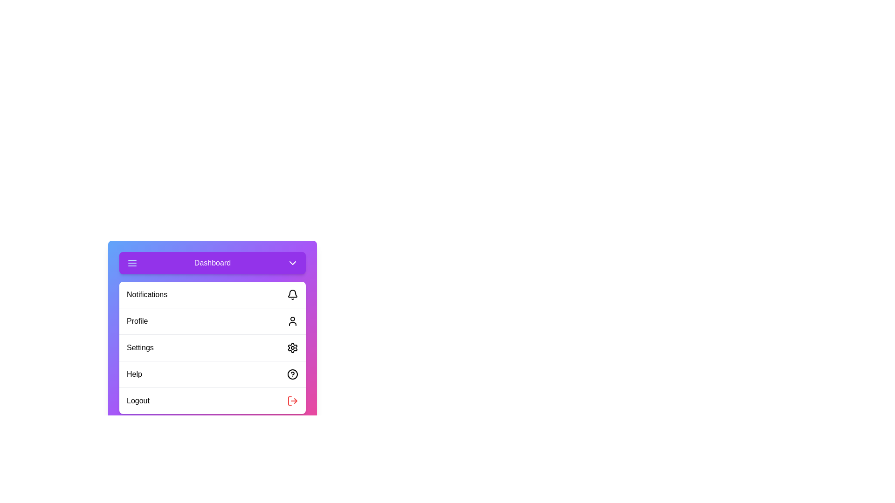 The image size is (895, 503). Describe the element at coordinates (212, 294) in the screenshot. I see `the menu item labeled Notifications to view its hover effect` at that location.